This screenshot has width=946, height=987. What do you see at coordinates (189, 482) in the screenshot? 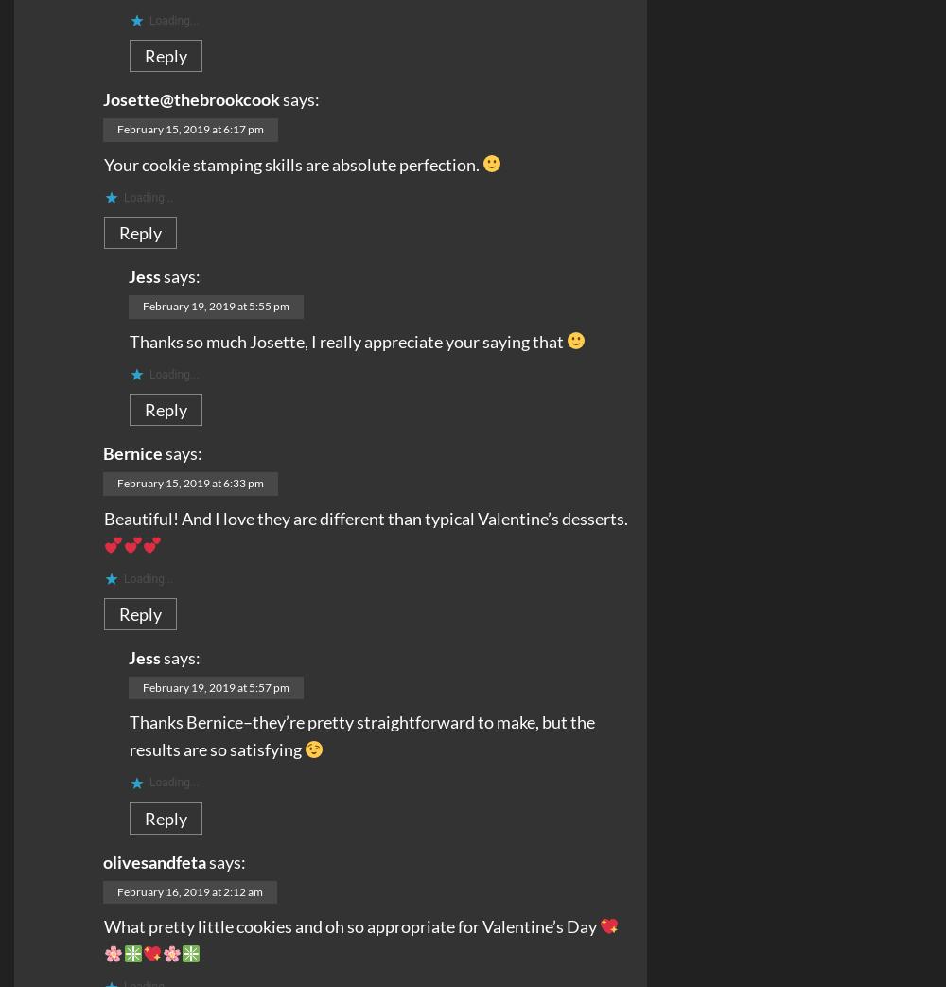
I see `'February 15, 2019 at 6:33 pm'` at bounding box center [189, 482].